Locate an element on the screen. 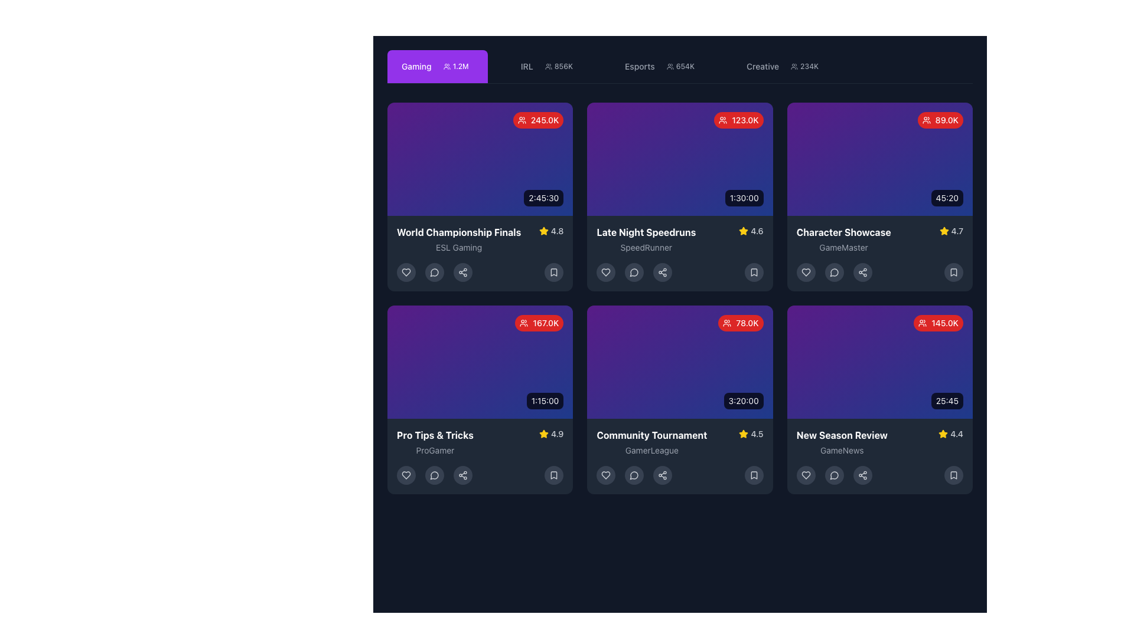 The width and height of the screenshot is (1134, 637). the 'like' or 'favorite' button located at the bottom row of the grid, first from the left, under the 'Community Tournament' card to mark the content as liked or saved is located at coordinates (606, 475).